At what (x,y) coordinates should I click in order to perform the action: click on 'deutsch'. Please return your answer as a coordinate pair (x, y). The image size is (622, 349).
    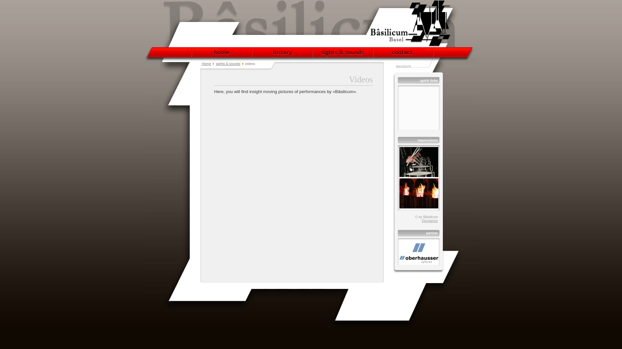
    Looking at the image, I should click on (403, 66).